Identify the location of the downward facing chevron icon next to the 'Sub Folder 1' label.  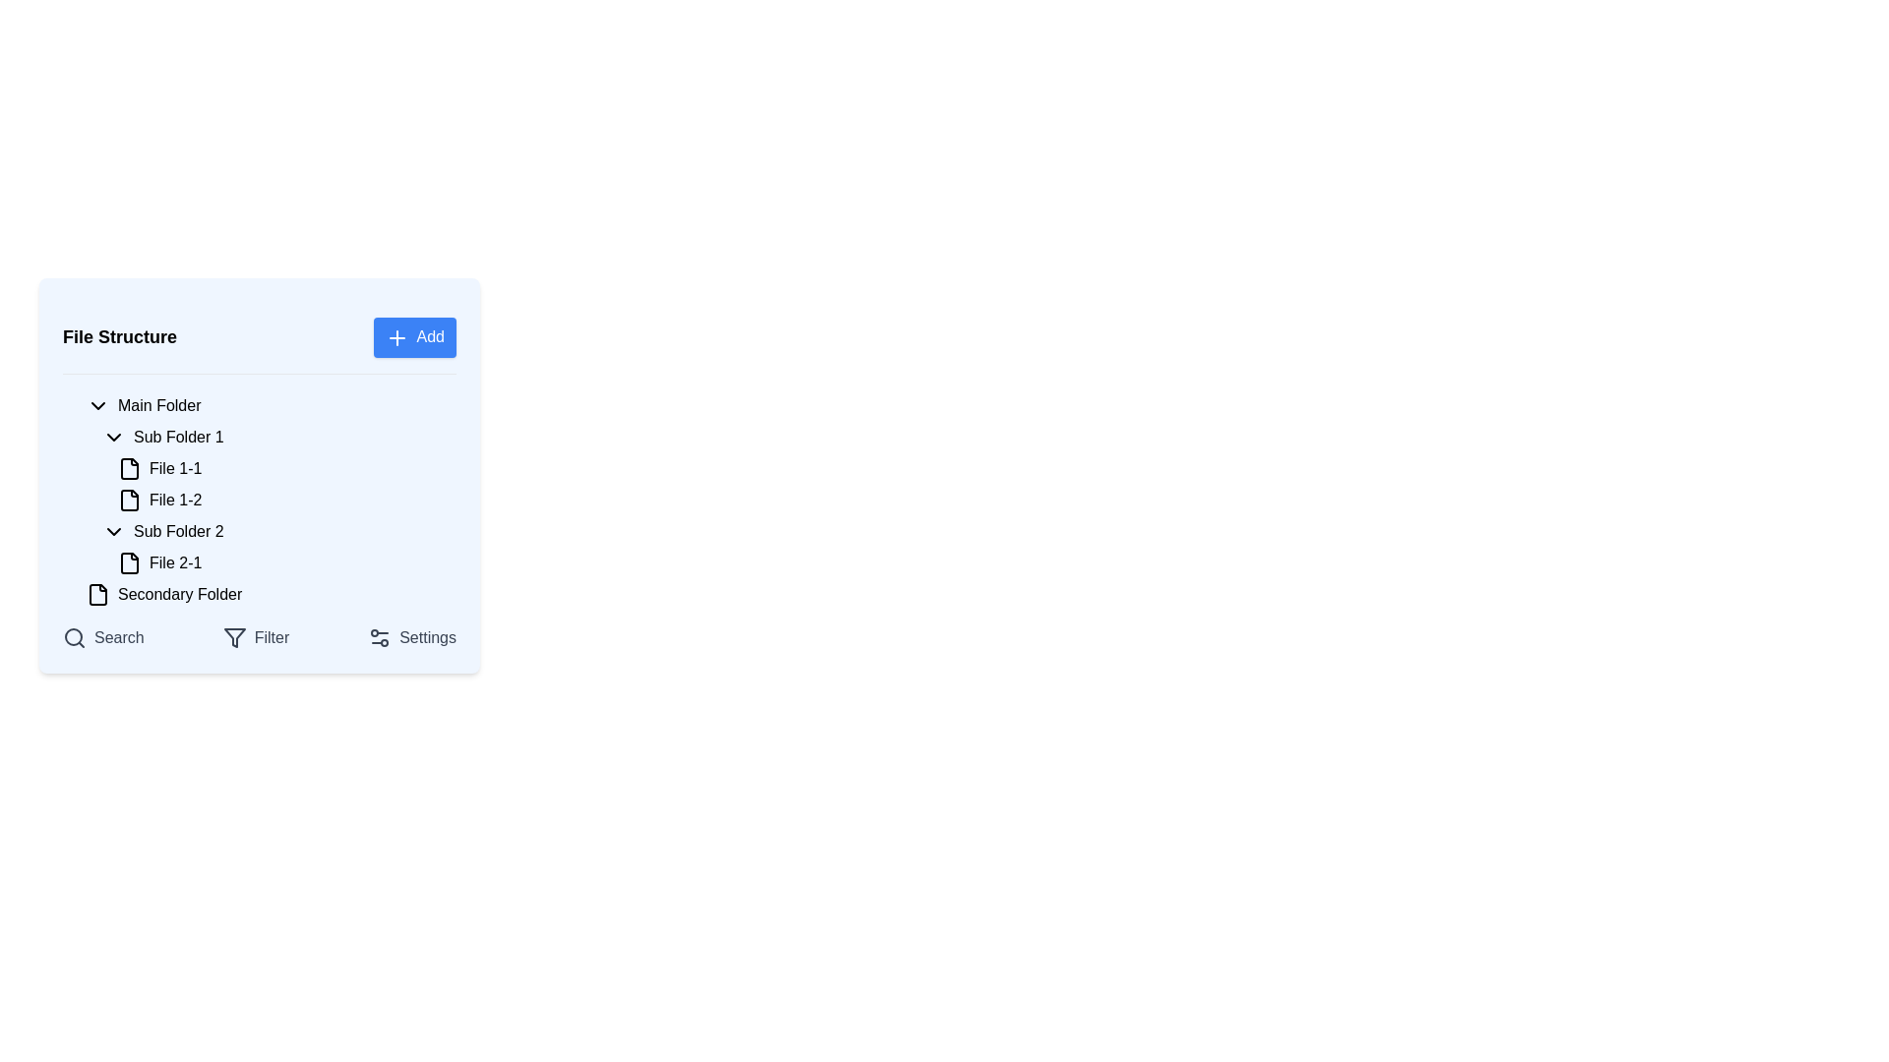
(112, 435).